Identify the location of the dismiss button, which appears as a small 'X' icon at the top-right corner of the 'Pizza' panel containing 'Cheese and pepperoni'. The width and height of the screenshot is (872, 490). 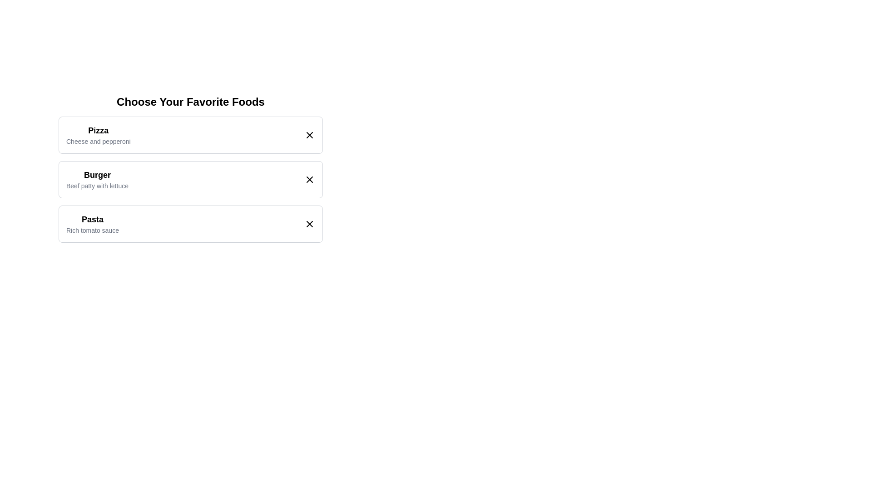
(309, 135).